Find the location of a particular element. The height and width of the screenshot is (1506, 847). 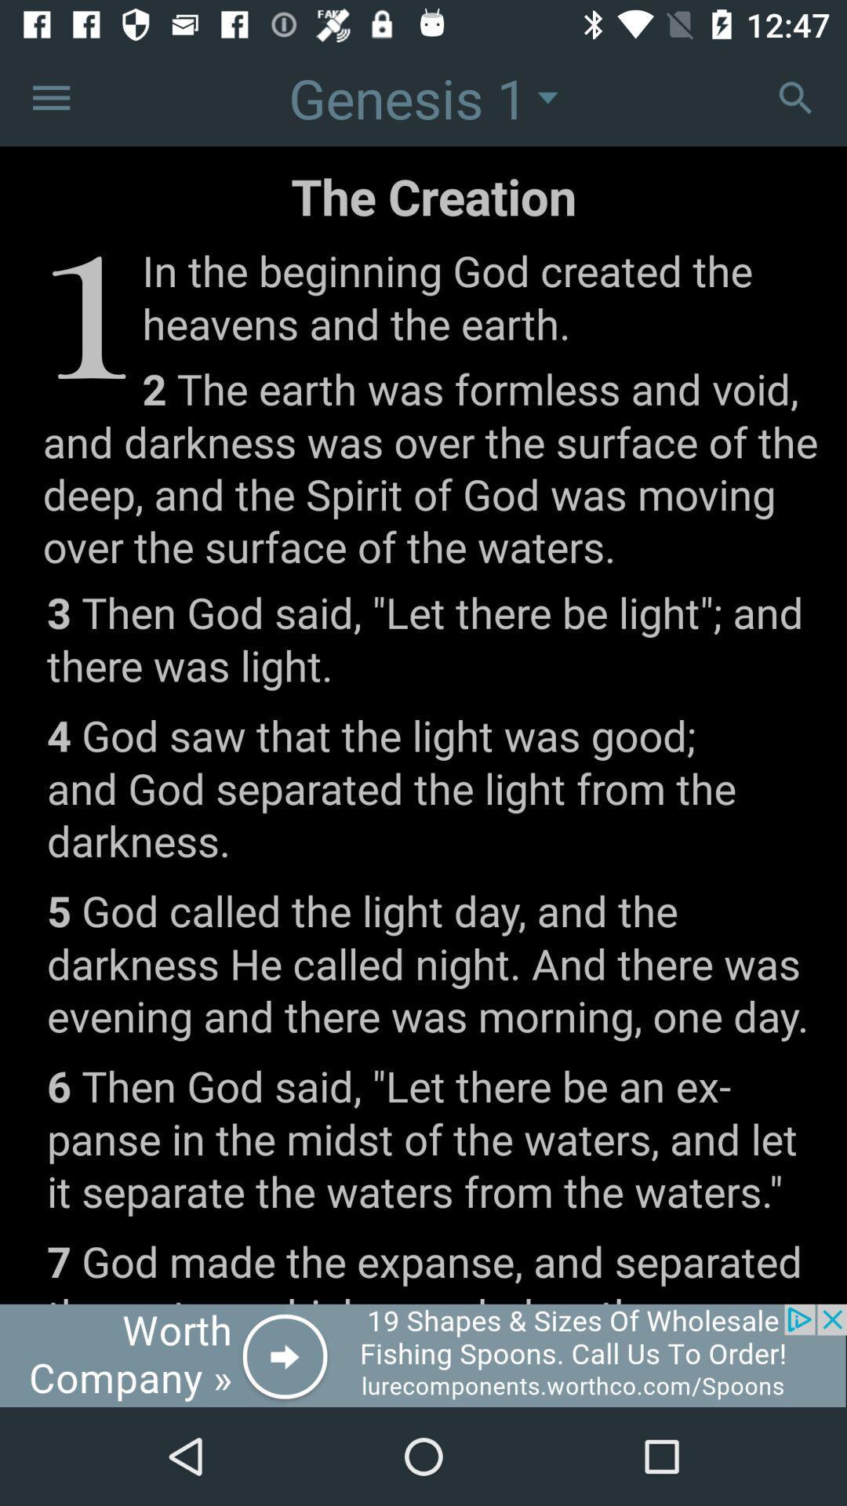

the menu icon is located at coordinates (50, 96).